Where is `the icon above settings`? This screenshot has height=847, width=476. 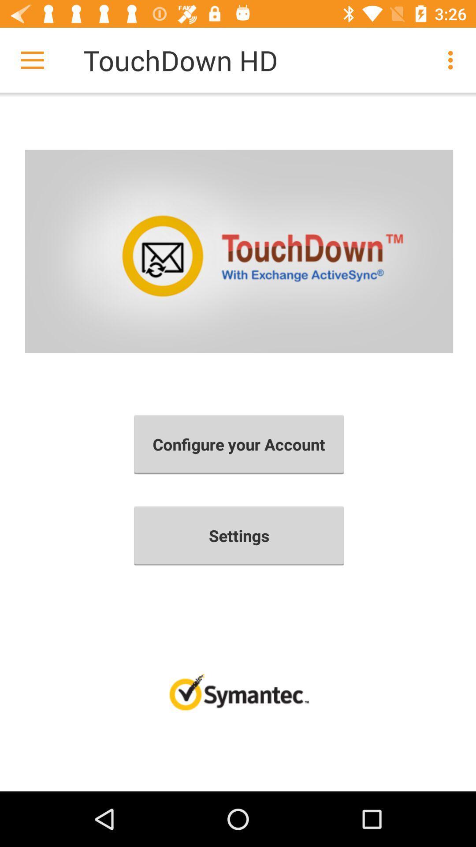
the icon above settings is located at coordinates (239, 444).